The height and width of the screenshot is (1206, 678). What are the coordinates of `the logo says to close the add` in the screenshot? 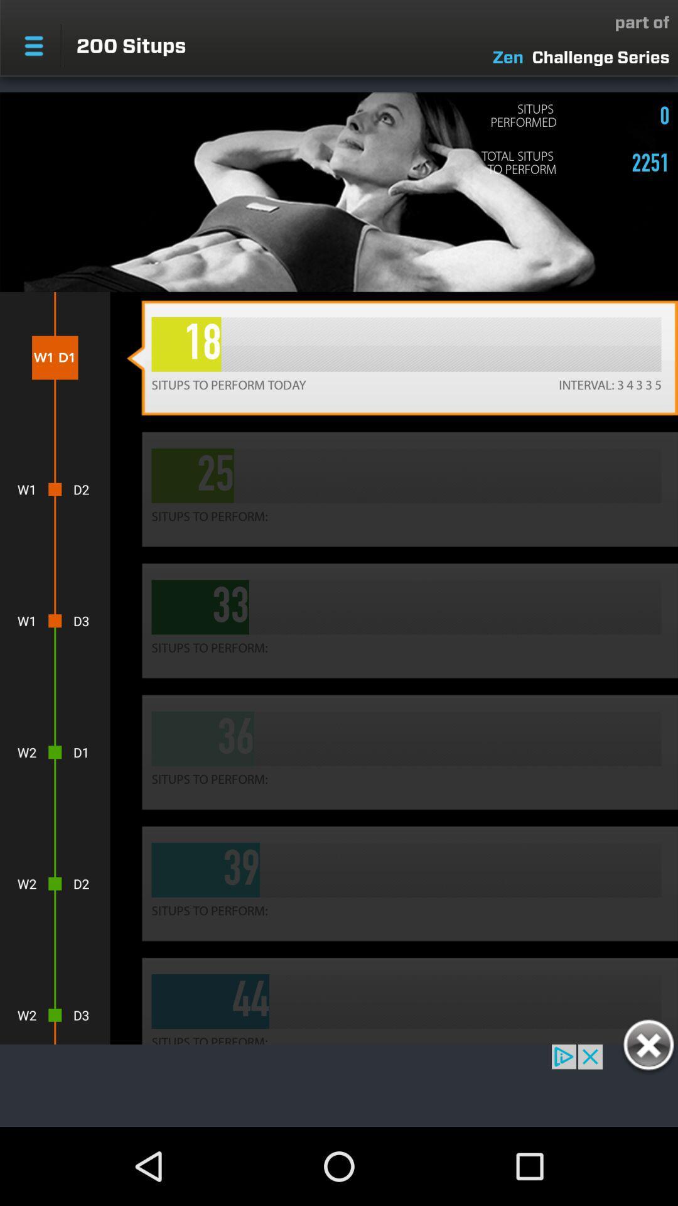 It's located at (648, 1047).